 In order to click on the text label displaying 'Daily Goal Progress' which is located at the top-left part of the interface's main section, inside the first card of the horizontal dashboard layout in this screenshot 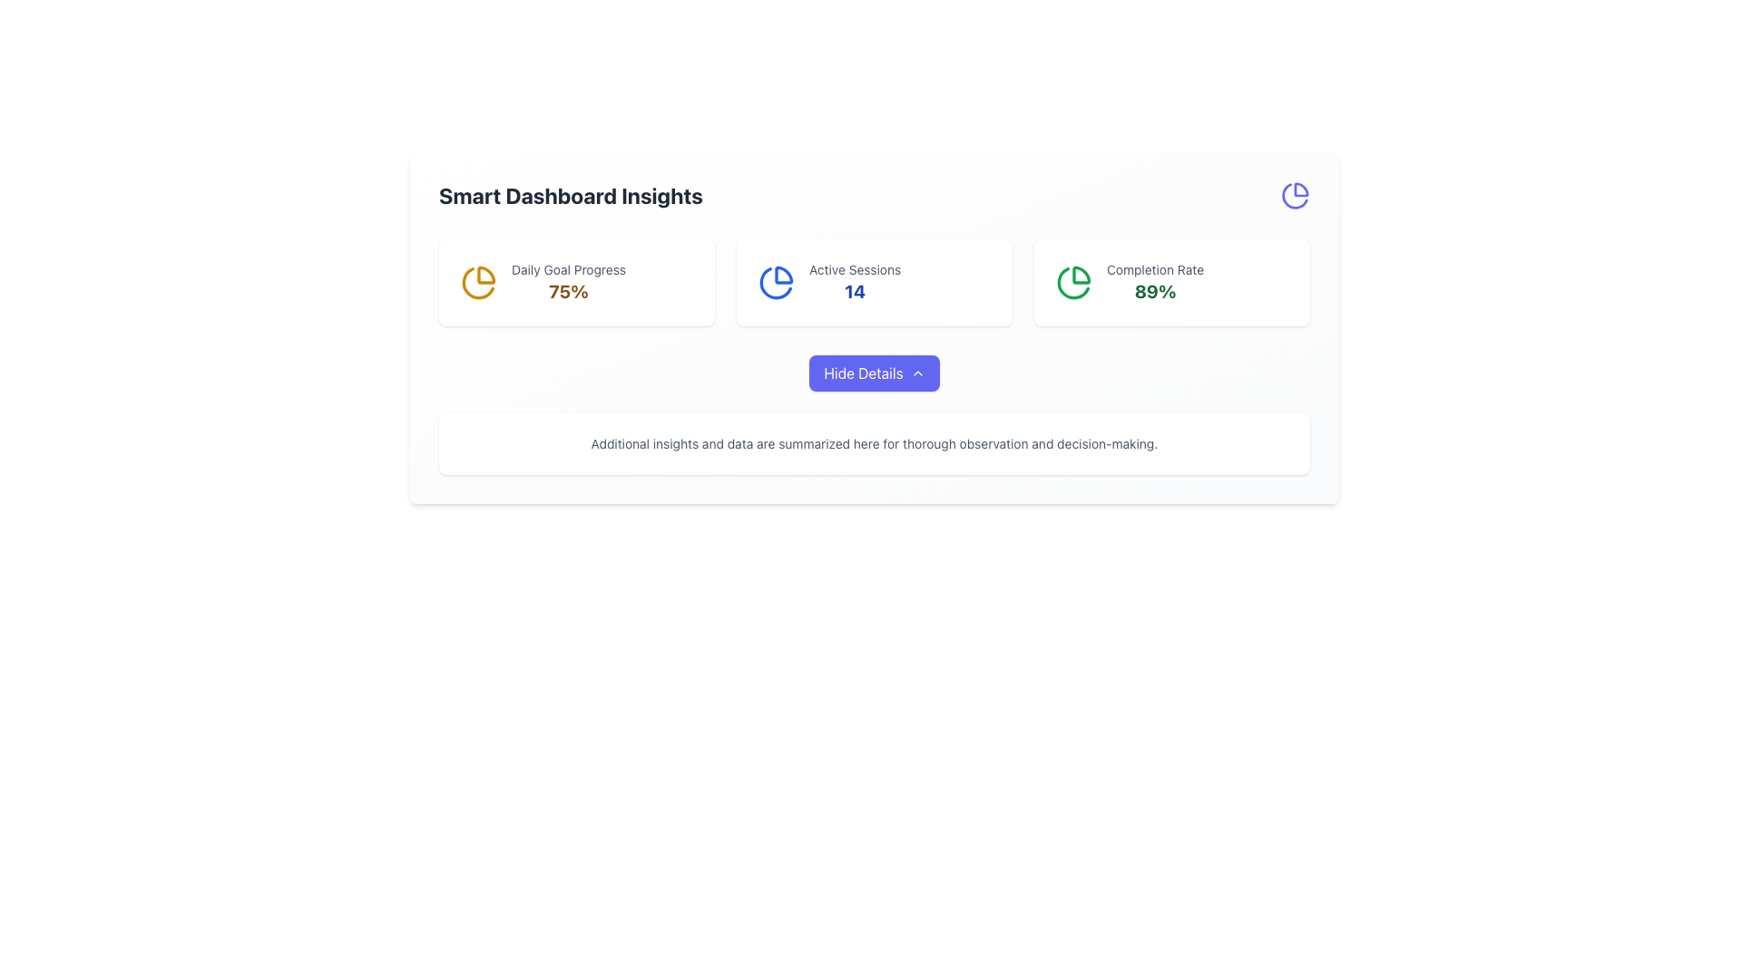, I will do `click(568, 269)`.